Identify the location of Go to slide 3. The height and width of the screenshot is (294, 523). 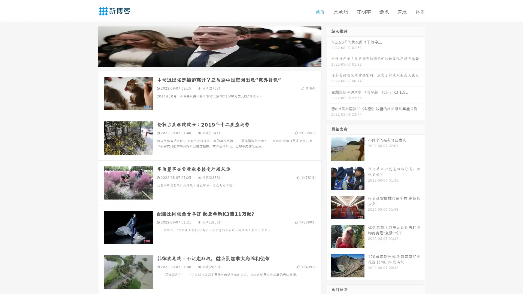
(215, 61).